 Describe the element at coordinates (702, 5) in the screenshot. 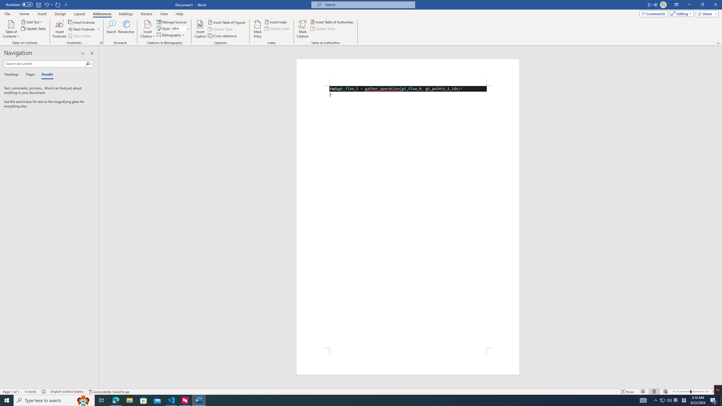

I see `'Restore Down'` at that location.